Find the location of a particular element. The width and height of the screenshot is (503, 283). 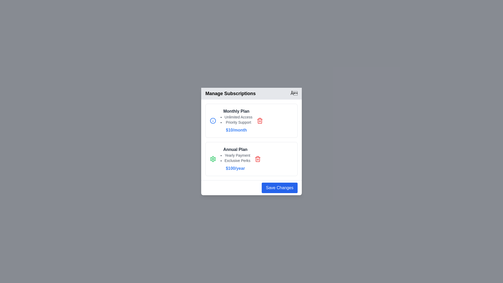

the information icon for the subscription plan Monthly Plan is located at coordinates (213, 121).